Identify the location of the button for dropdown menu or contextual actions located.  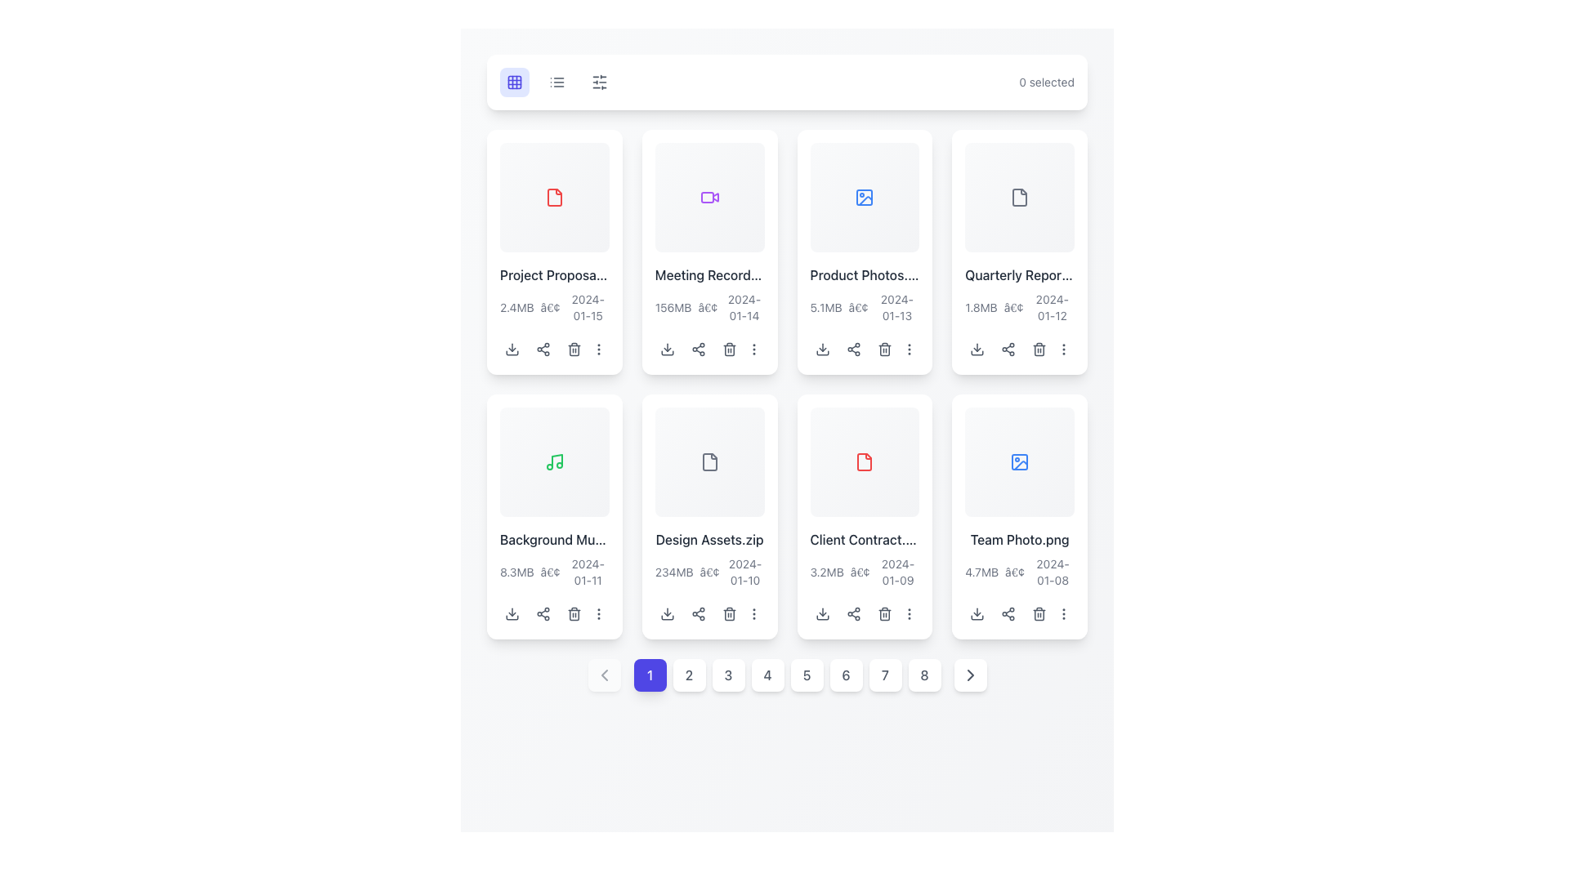
(1064, 348).